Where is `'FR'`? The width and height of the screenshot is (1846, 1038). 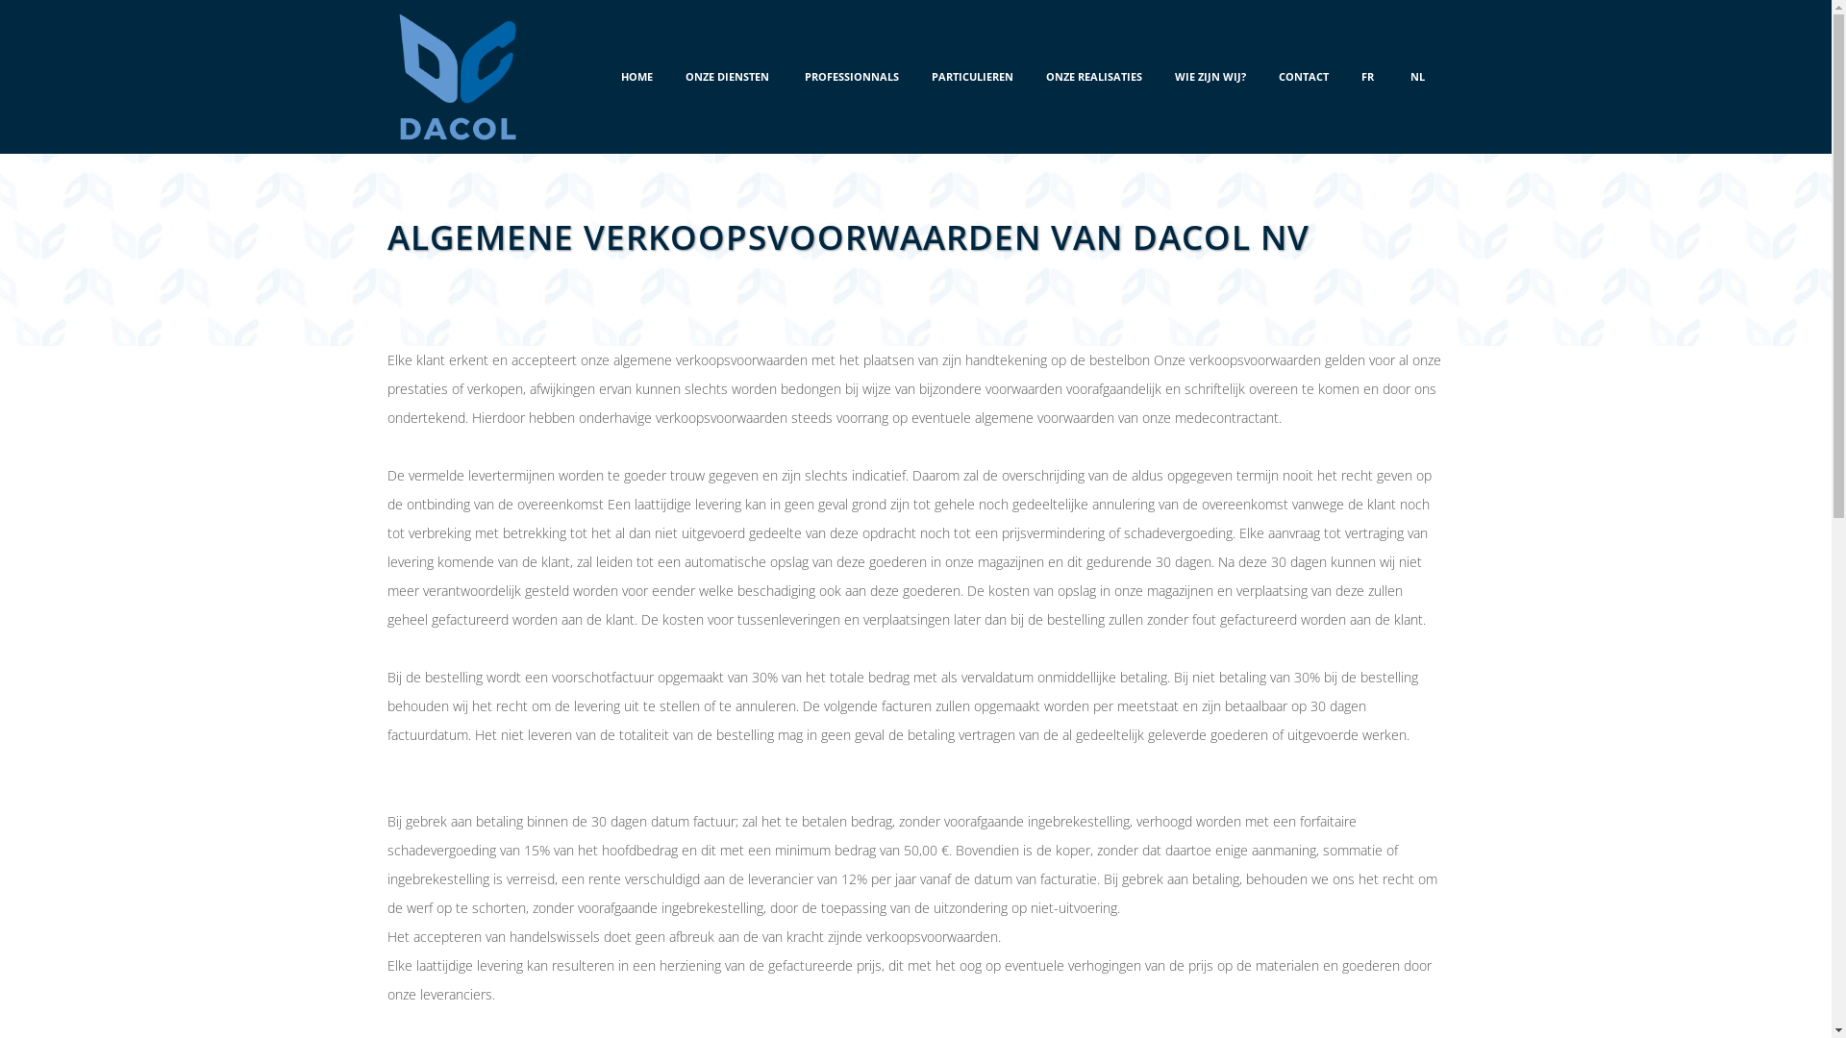
'FR' is located at coordinates (1367, 76).